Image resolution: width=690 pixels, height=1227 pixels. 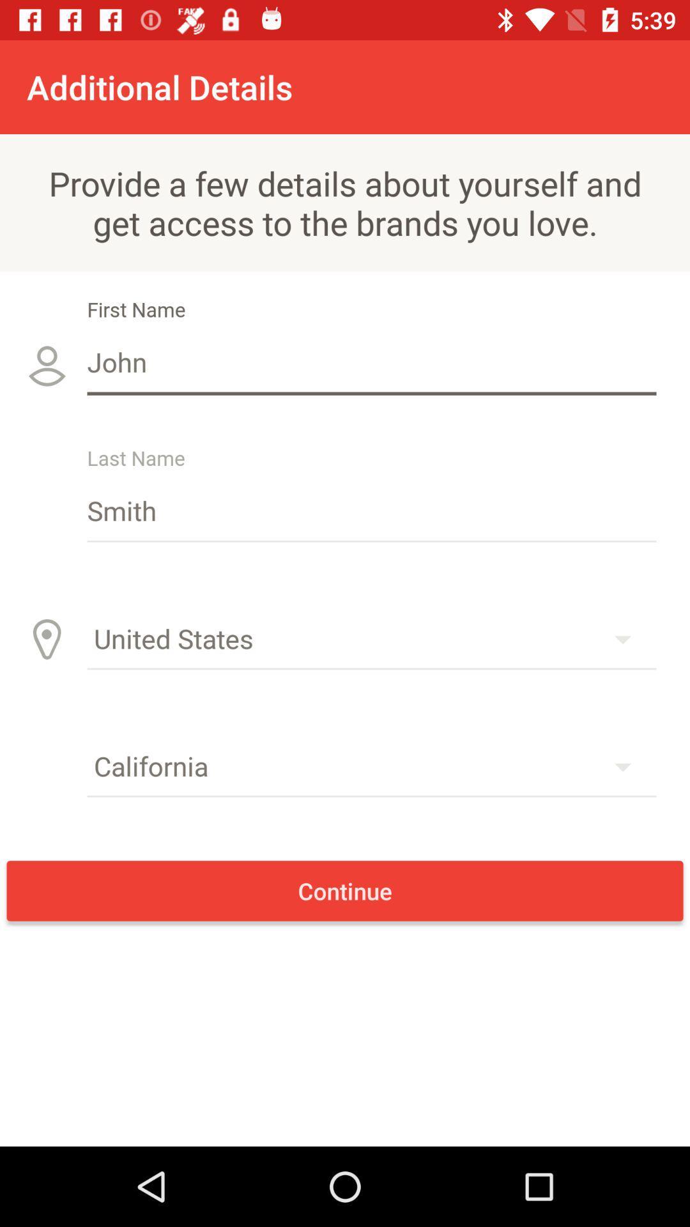 I want to click on john, so click(x=372, y=361).